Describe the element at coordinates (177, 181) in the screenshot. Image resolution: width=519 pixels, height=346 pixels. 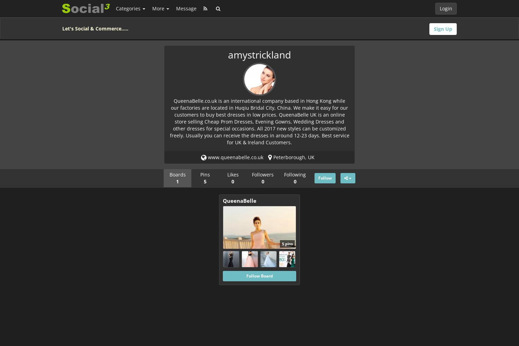
I see `'1'` at that location.